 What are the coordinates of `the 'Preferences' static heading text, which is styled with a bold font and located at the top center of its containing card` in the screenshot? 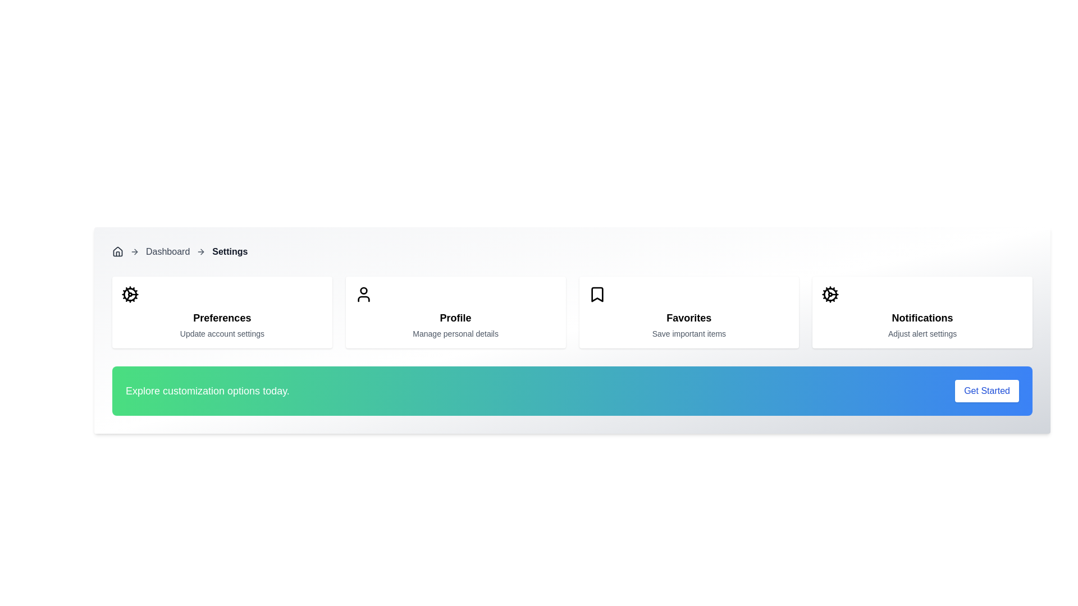 It's located at (222, 318).